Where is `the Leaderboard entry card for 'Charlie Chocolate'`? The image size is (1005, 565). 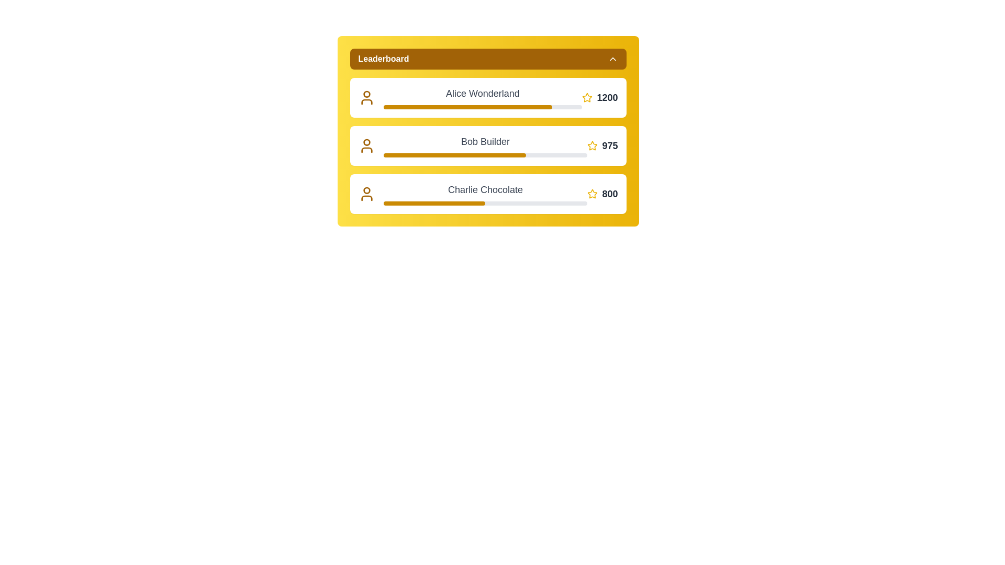 the Leaderboard entry card for 'Charlie Chocolate' is located at coordinates (487, 194).